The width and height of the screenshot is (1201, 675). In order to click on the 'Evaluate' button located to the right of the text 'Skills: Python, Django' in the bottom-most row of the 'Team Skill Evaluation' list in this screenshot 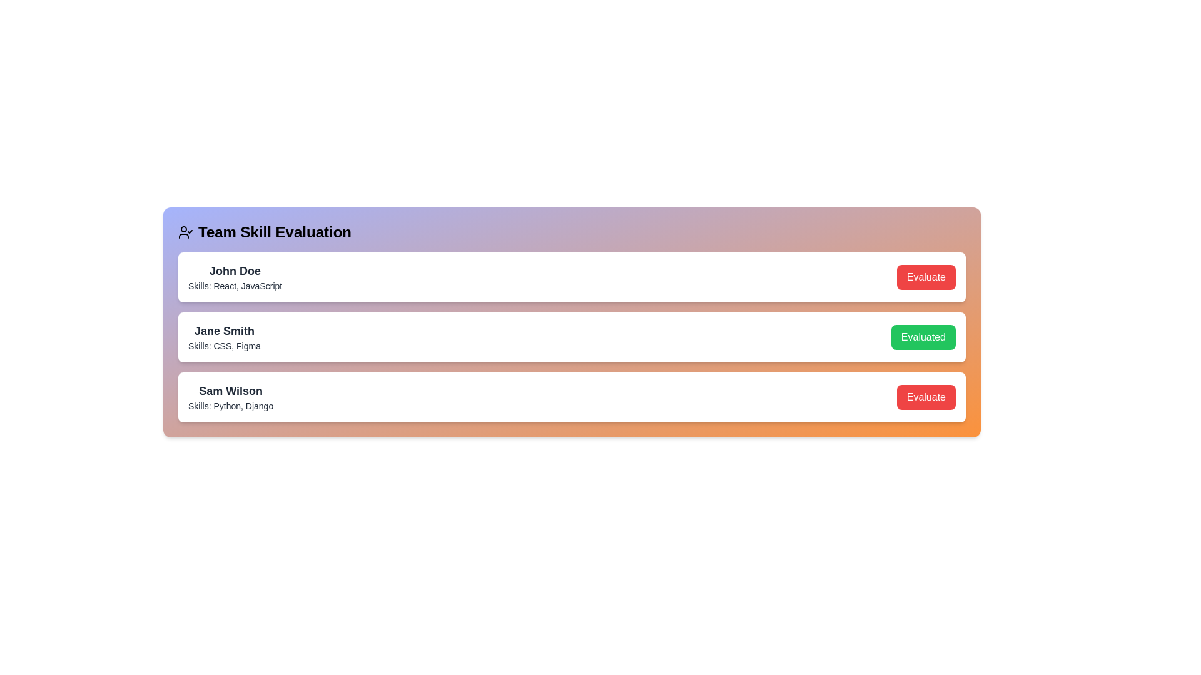, I will do `click(926, 397)`.